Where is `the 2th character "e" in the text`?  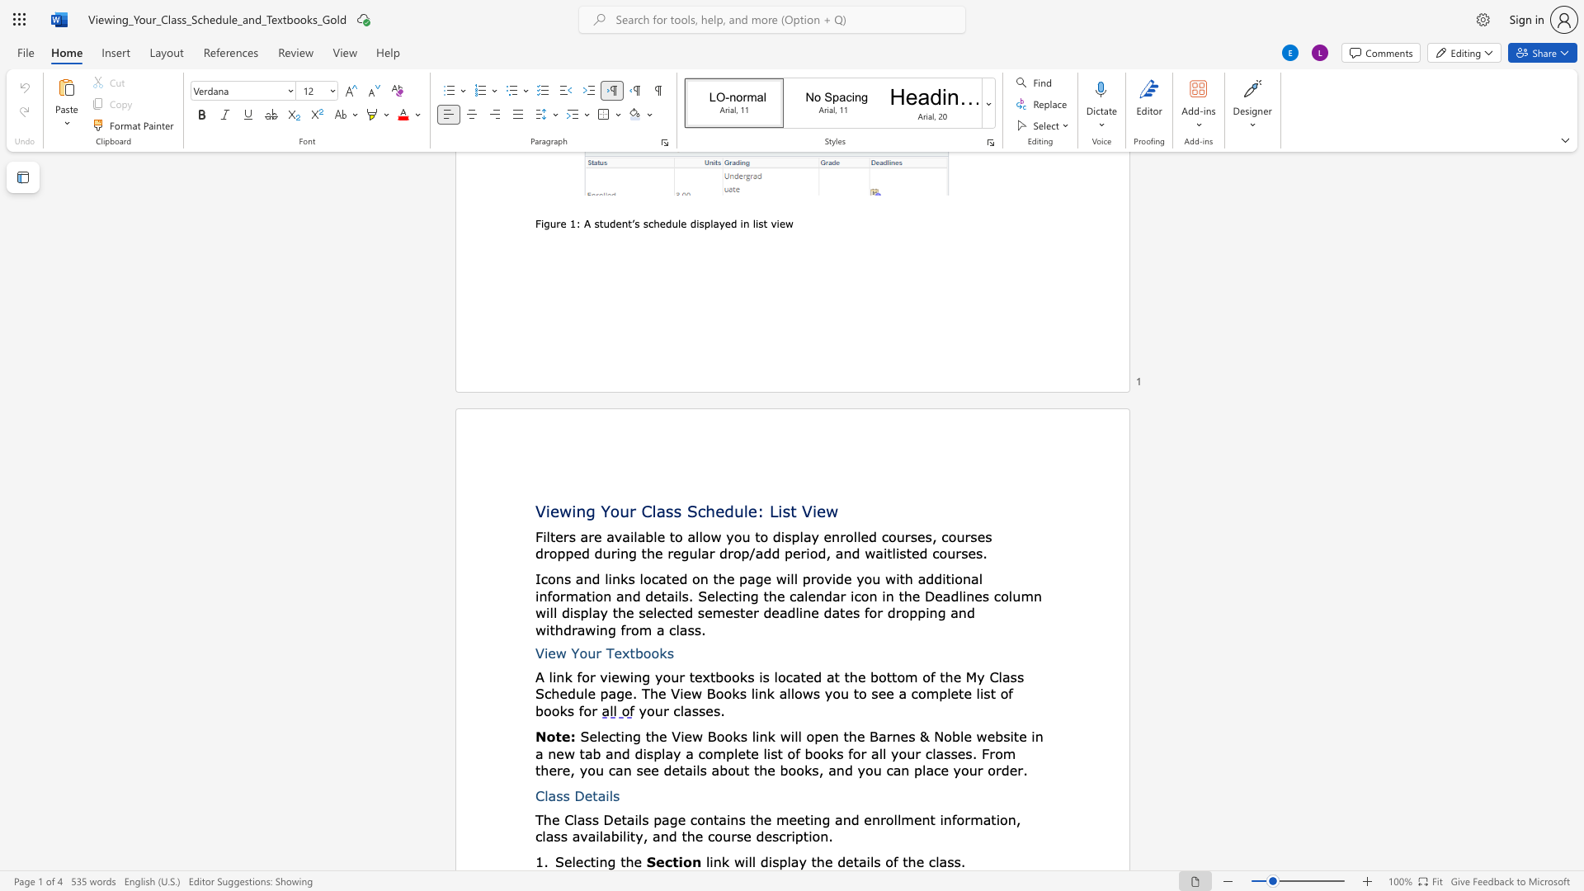
the 2th character "e" in the text is located at coordinates (616, 819).